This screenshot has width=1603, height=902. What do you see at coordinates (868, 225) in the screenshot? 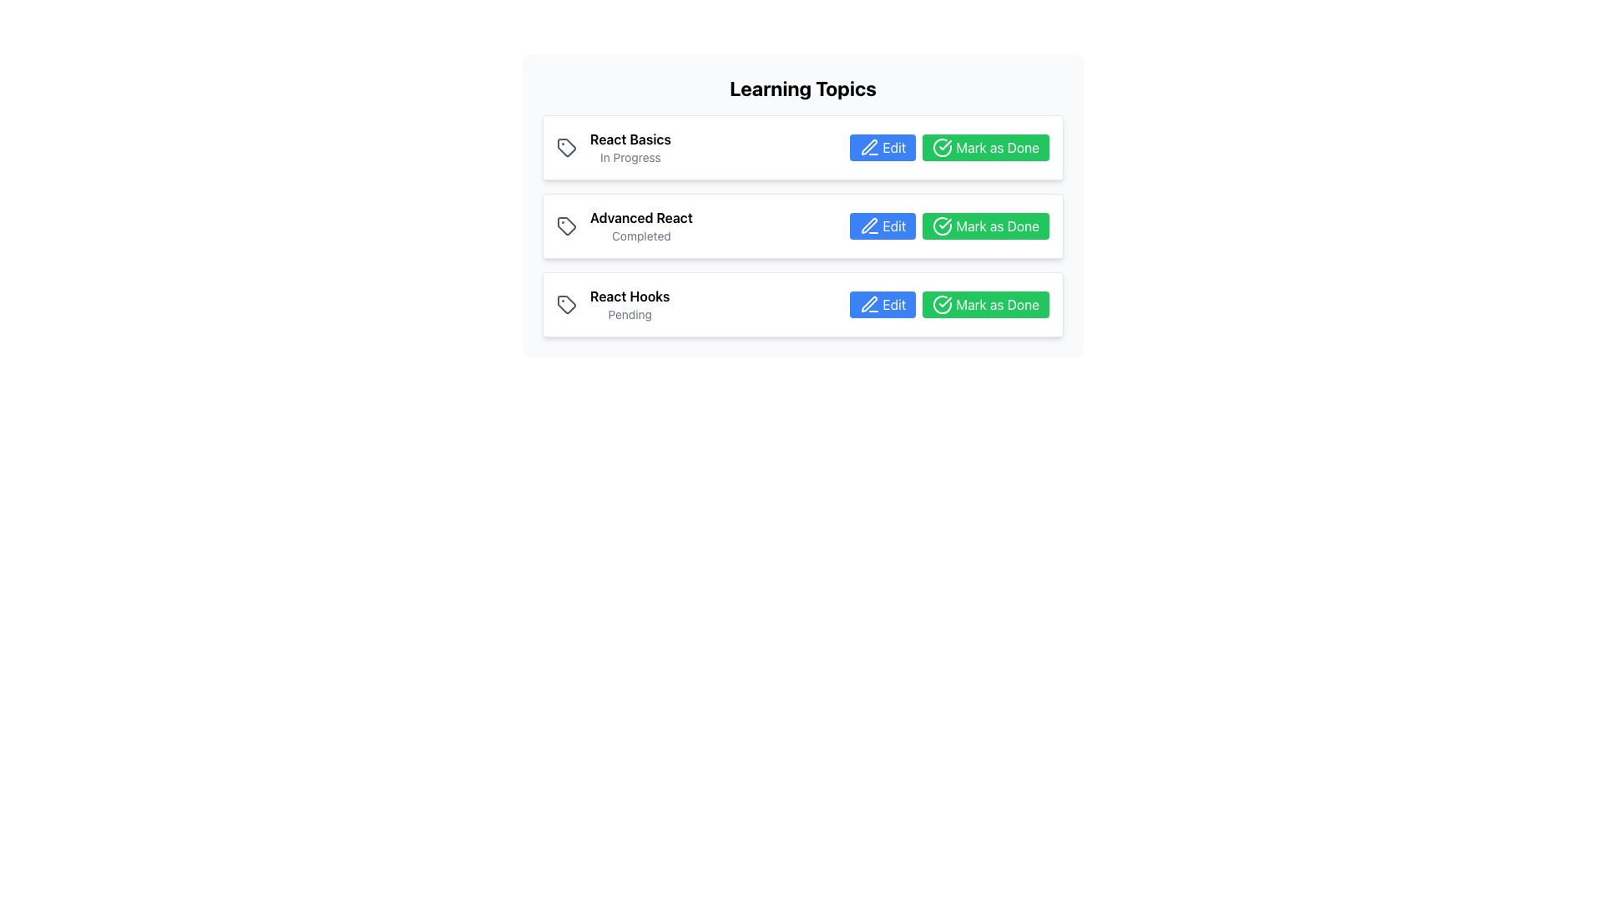
I see `the edit icon on the blue 'Edit' button located to the right of the 'Advanced React' row in the list of learning topics to initiate the edit action` at bounding box center [868, 225].